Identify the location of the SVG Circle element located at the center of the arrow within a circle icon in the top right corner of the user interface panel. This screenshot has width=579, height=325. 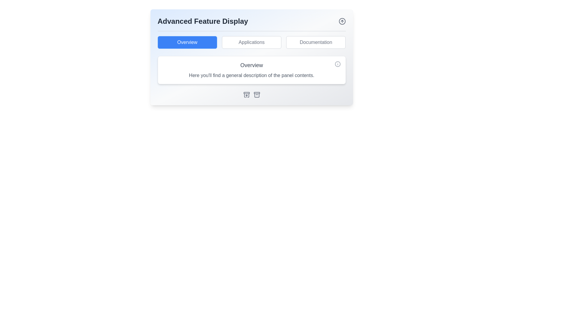
(342, 21).